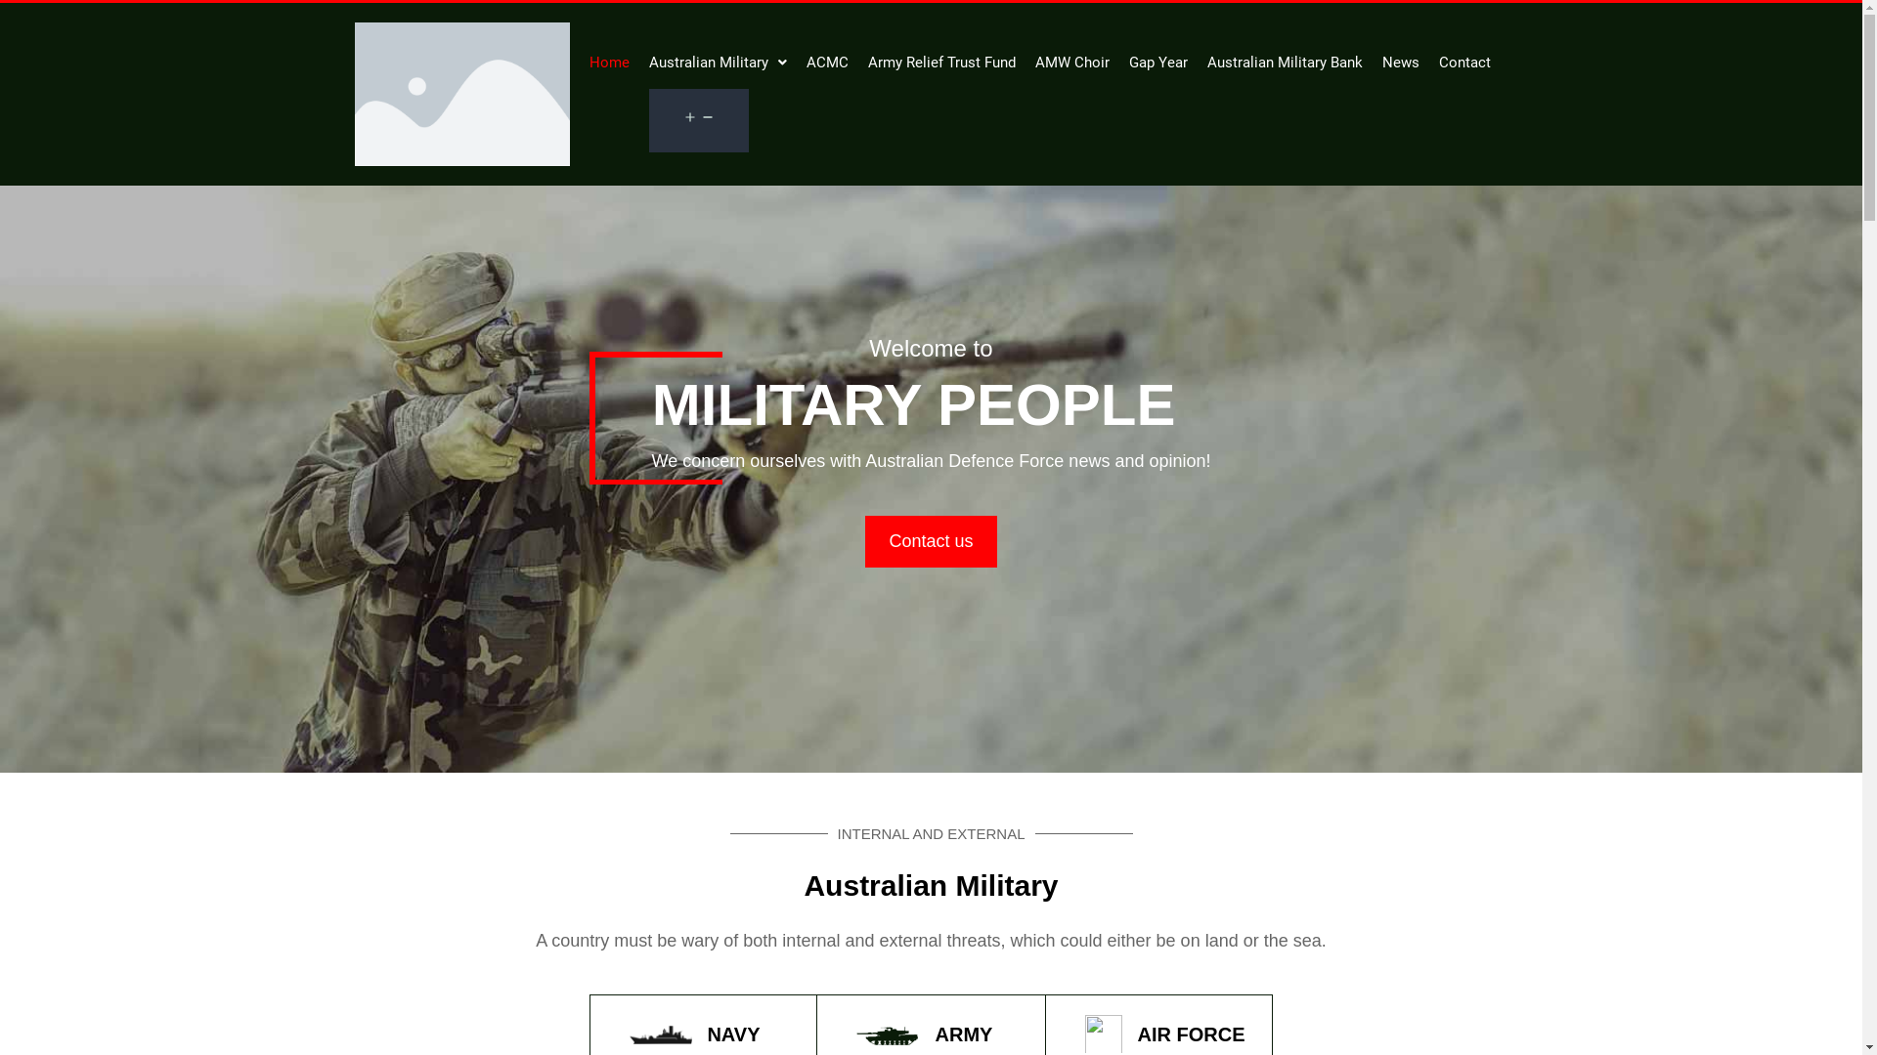  What do you see at coordinates (1439, 62) in the screenshot?
I see `'Contact'` at bounding box center [1439, 62].